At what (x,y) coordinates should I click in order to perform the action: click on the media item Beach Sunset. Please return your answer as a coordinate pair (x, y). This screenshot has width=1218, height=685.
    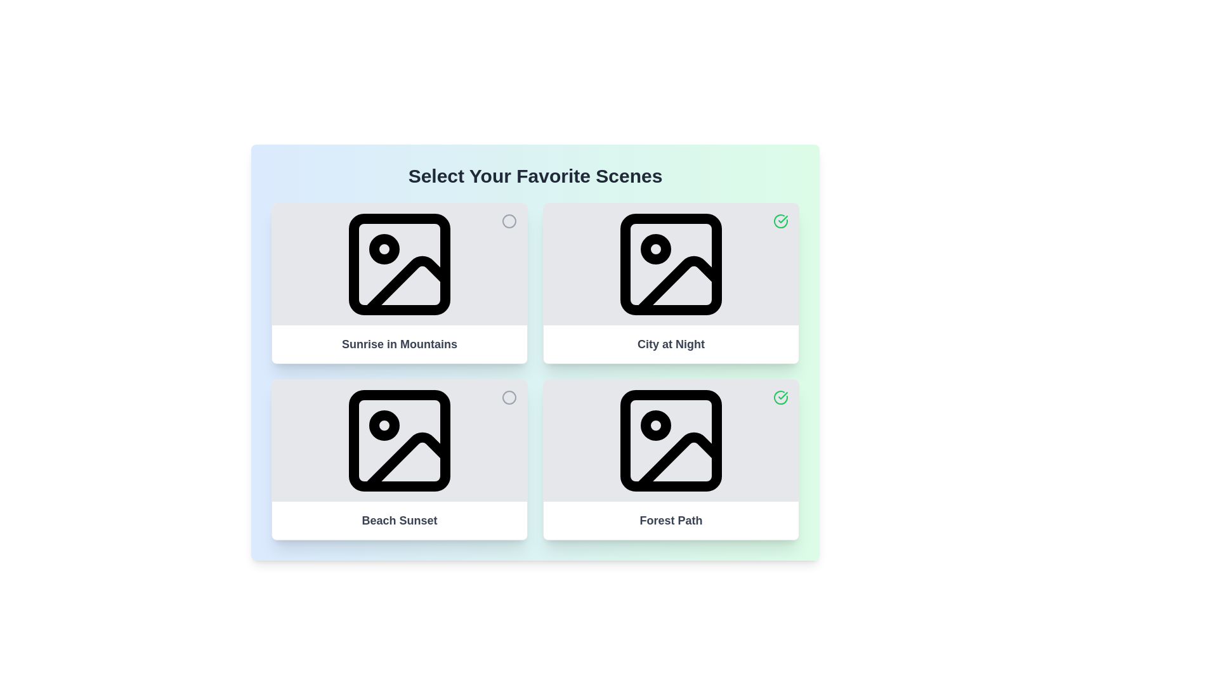
    Looking at the image, I should click on (509, 397).